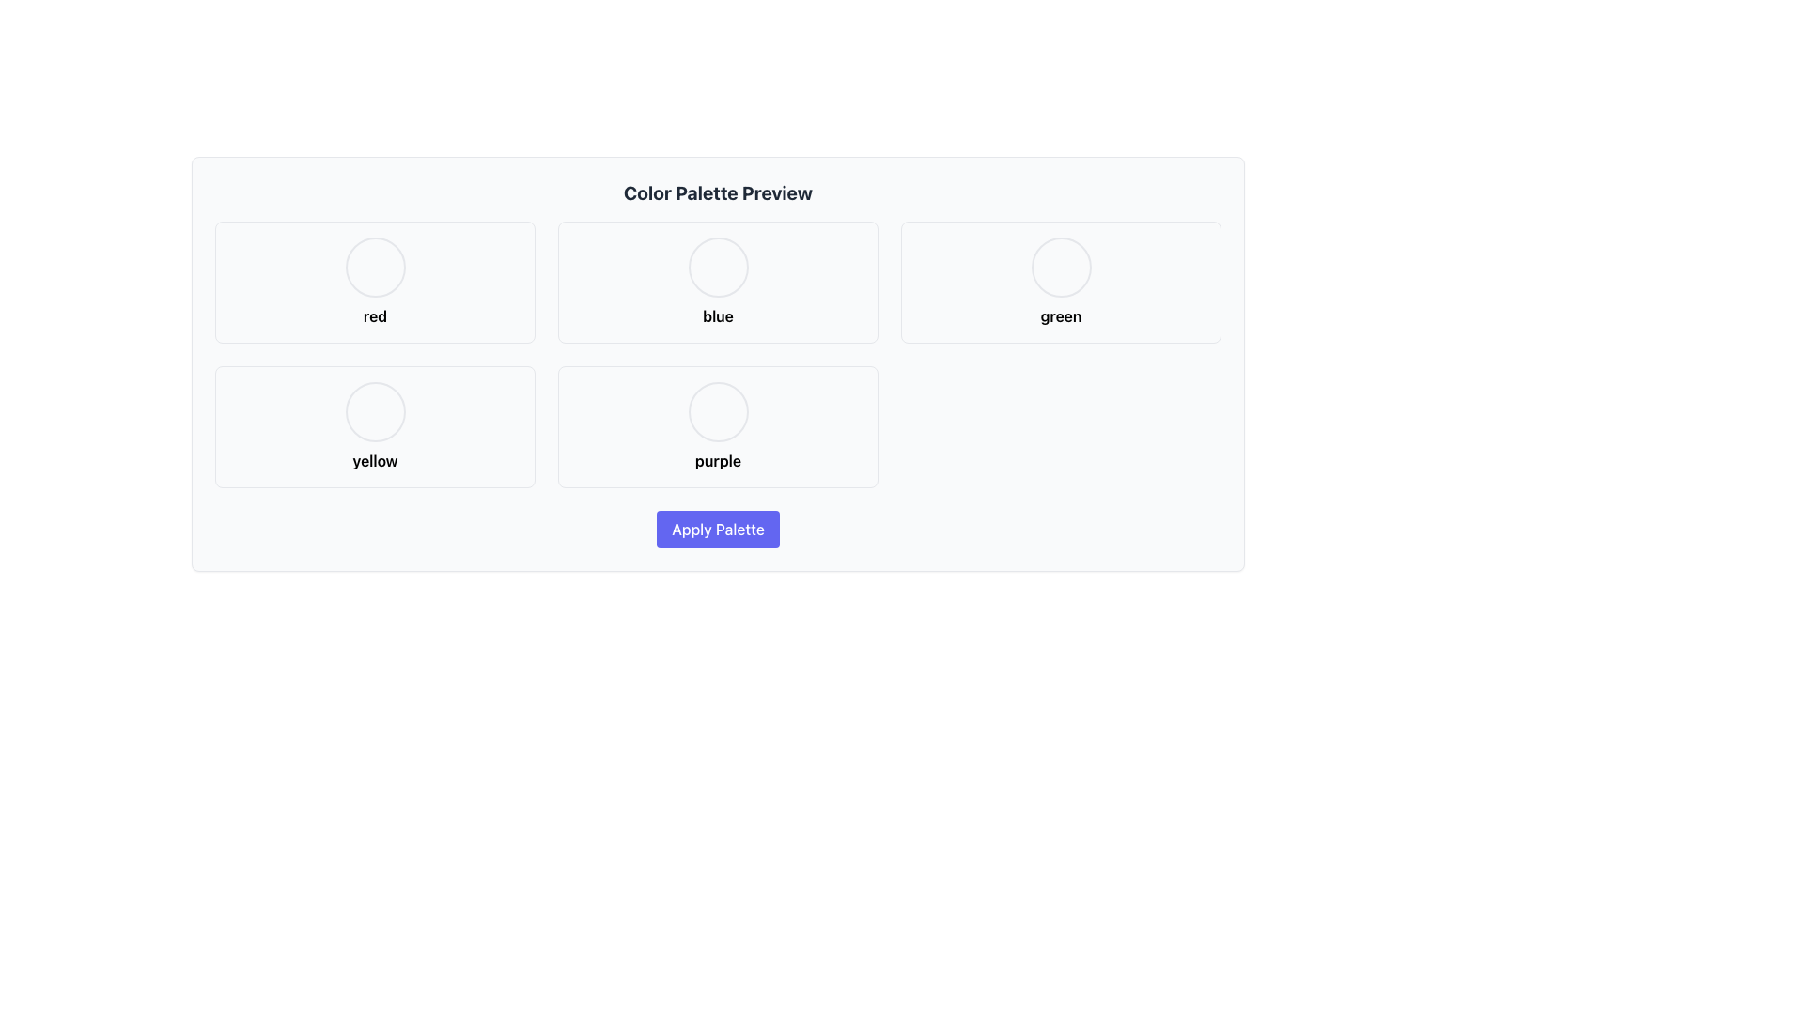  I want to click on the circular decorative element with a purple fill and darker purple border located at the top of the 'purple' labeled card in the lower row of the grid layout, so click(717, 411).